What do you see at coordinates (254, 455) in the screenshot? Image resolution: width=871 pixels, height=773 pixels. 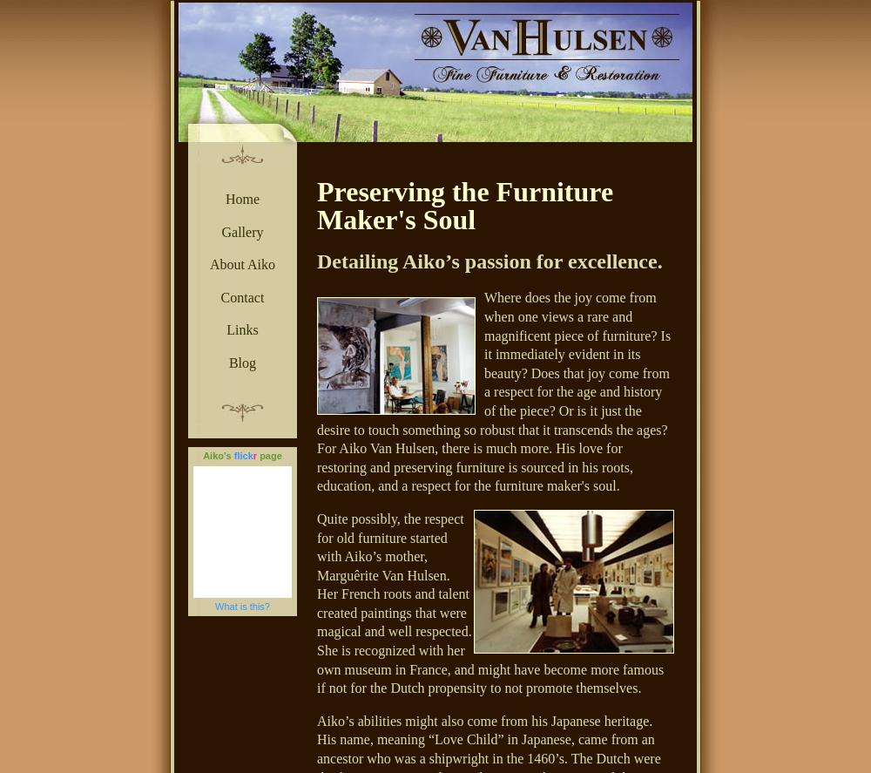 I see `'r'` at bounding box center [254, 455].